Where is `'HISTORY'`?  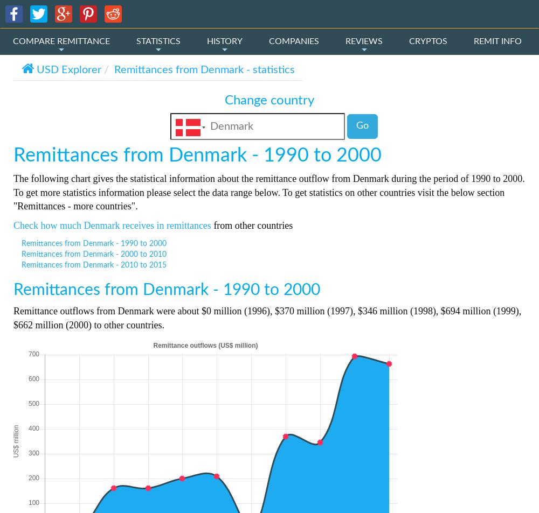 'HISTORY' is located at coordinates (225, 41).